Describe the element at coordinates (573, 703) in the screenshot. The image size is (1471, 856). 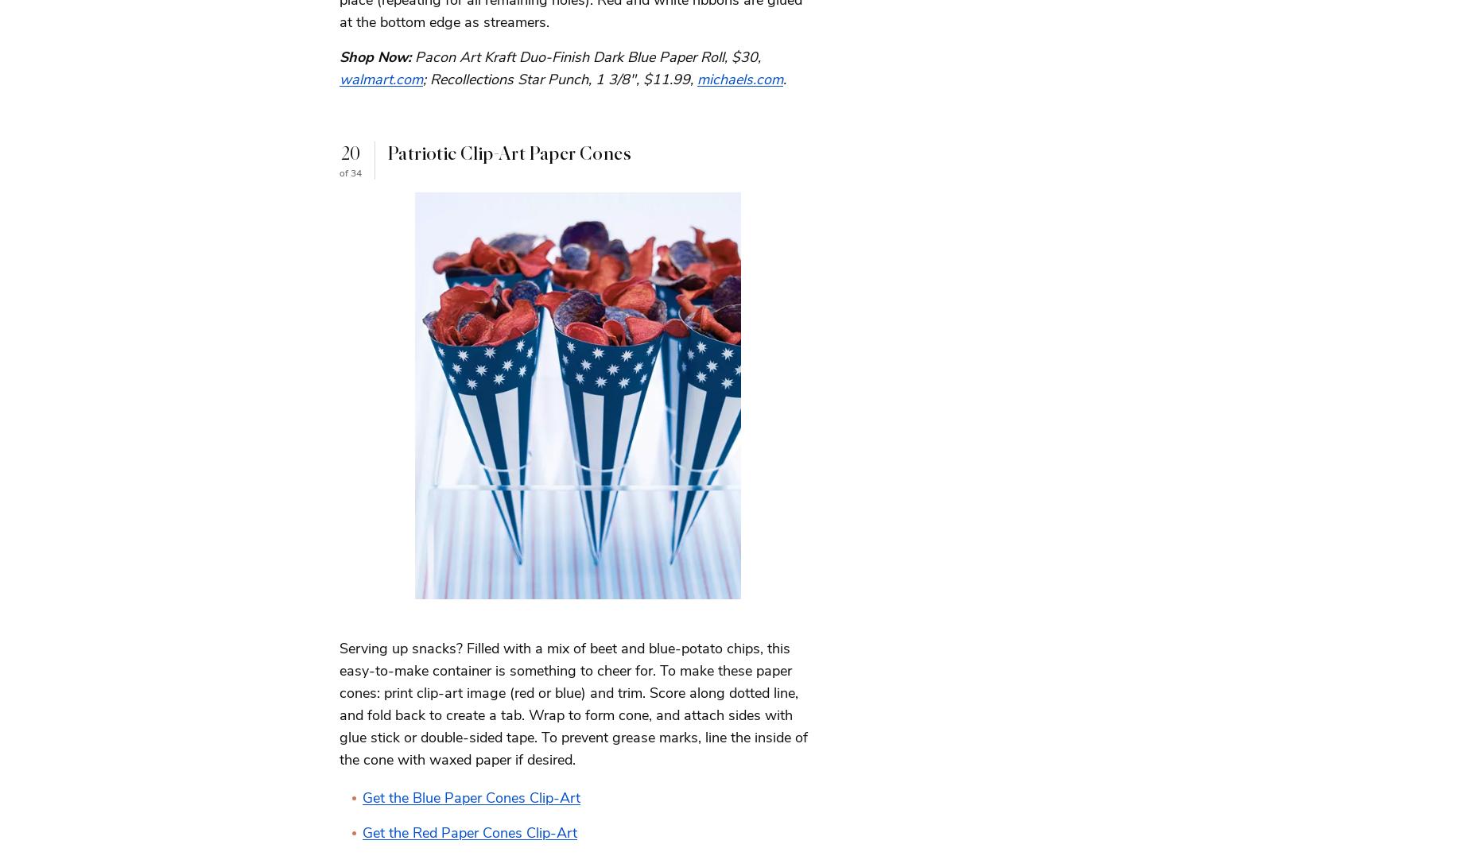
I see `'Serving up snacks? Filled with a mix of beet and blue-potato chips, this easy-to-make container is something to cheer for. To make these paper cones: print clip-art image (red or blue) and trim. Score along dotted line, and fold back to create a tab. Wrap to form cone, and attach sides with glue stick or double-sided tape. To prevent grease marks, line the inside of the cone with waxed paper if desired.'` at that location.